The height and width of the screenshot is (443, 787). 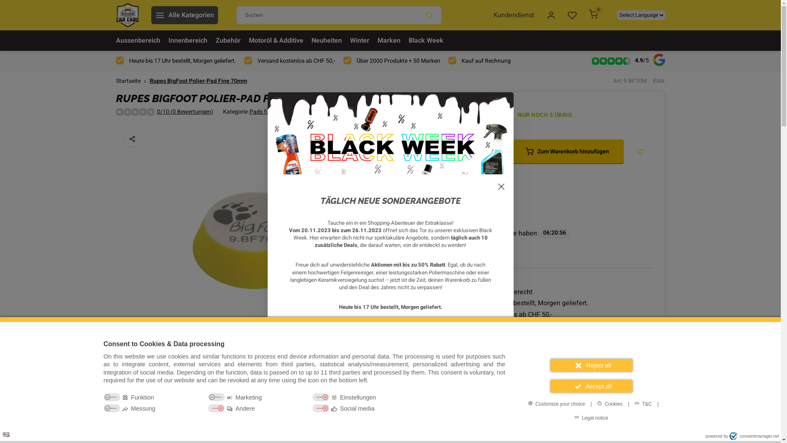 What do you see at coordinates (326, 41) in the screenshot?
I see `'Neuheiten'` at bounding box center [326, 41].